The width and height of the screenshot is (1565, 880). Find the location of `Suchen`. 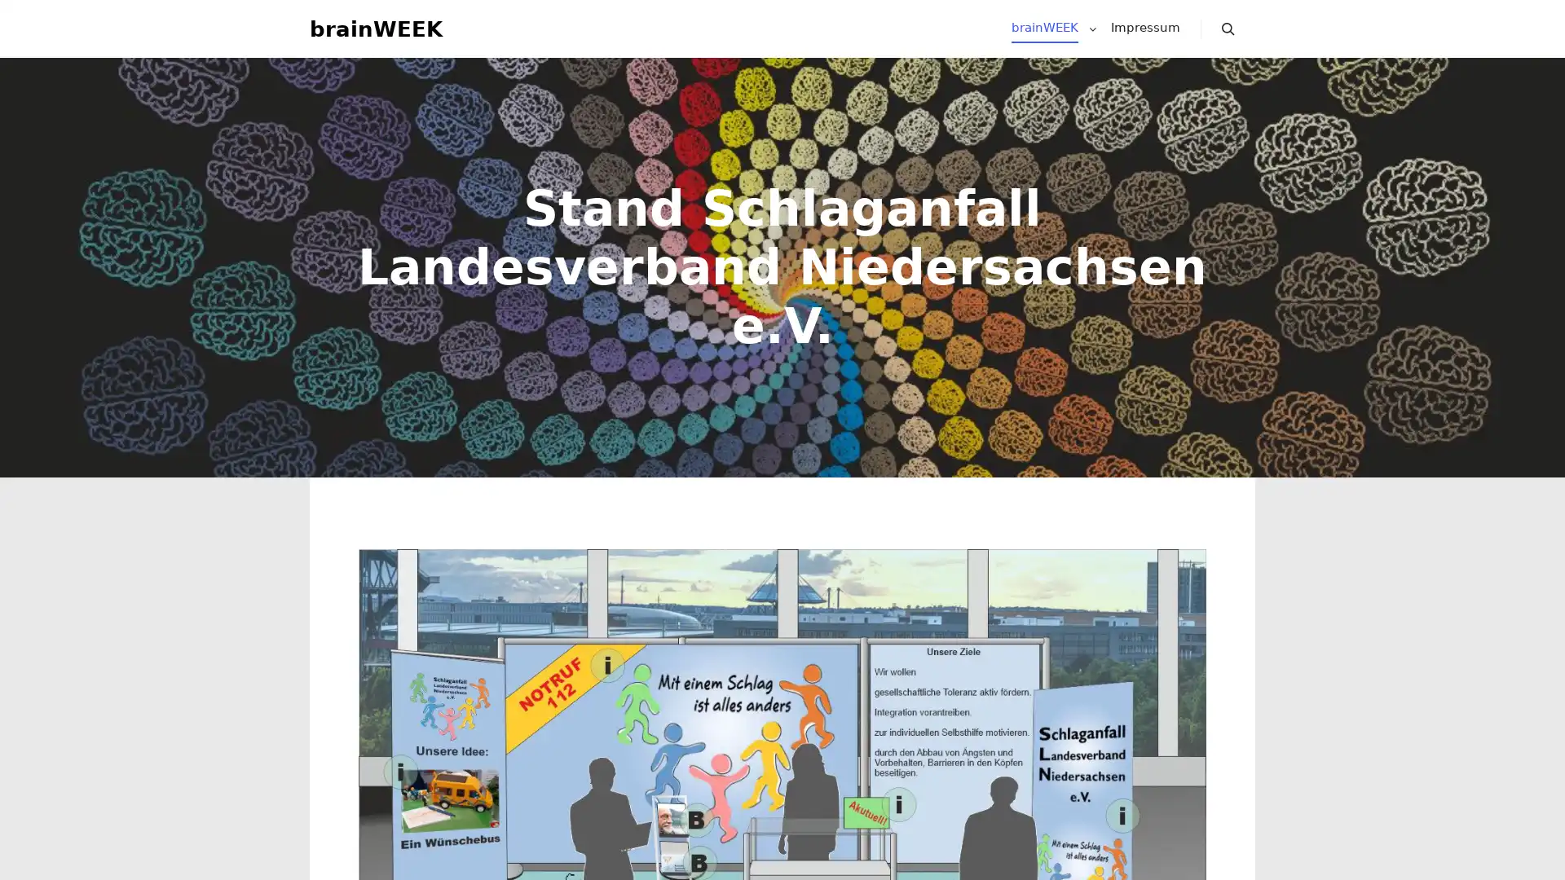

Suchen is located at coordinates (1228, 37).